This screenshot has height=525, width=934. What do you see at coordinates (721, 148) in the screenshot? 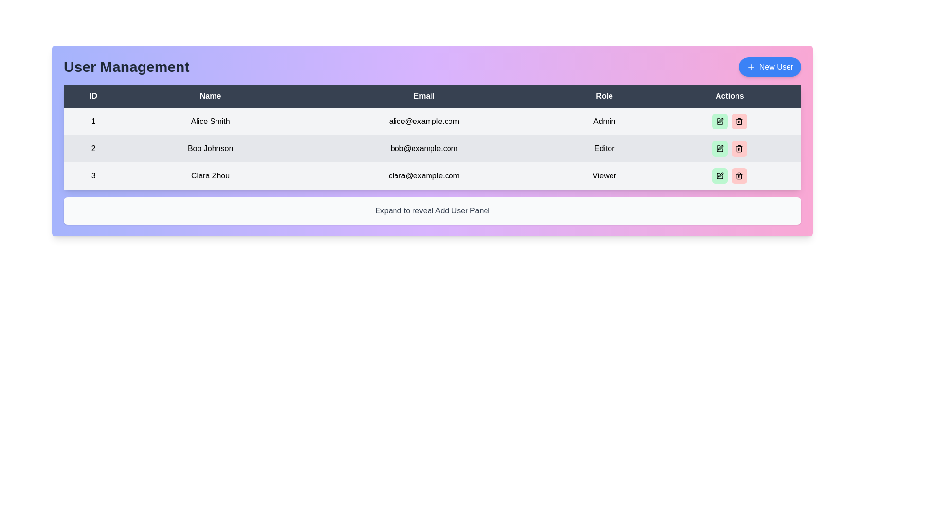
I see `the edit icon (pen-shaped) in the Actions column of the second row for 'Bob Johnson'` at bounding box center [721, 148].